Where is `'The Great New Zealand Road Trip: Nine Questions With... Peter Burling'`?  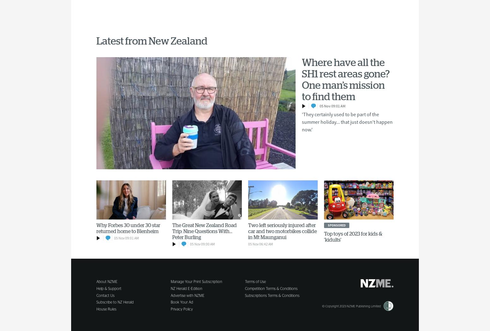 'The Great New Zealand Road Trip: Nine Questions With... Peter Burling' is located at coordinates (172, 231).